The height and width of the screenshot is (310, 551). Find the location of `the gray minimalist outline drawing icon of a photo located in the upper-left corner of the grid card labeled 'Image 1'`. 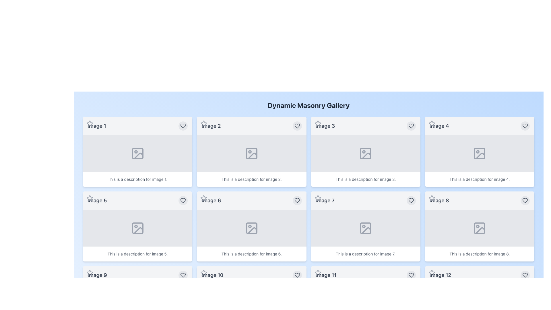

the gray minimalist outline drawing icon of a photo located in the upper-left corner of the grid card labeled 'Image 1' is located at coordinates (137, 153).